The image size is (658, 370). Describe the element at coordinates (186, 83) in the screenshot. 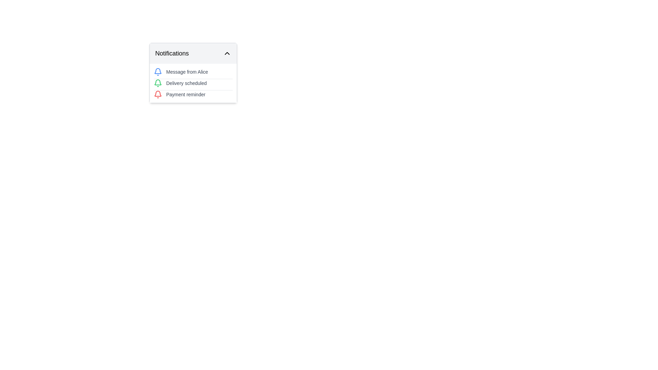

I see `the 'Delivery scheduled' informational text label, which is the second notification item` at that location.